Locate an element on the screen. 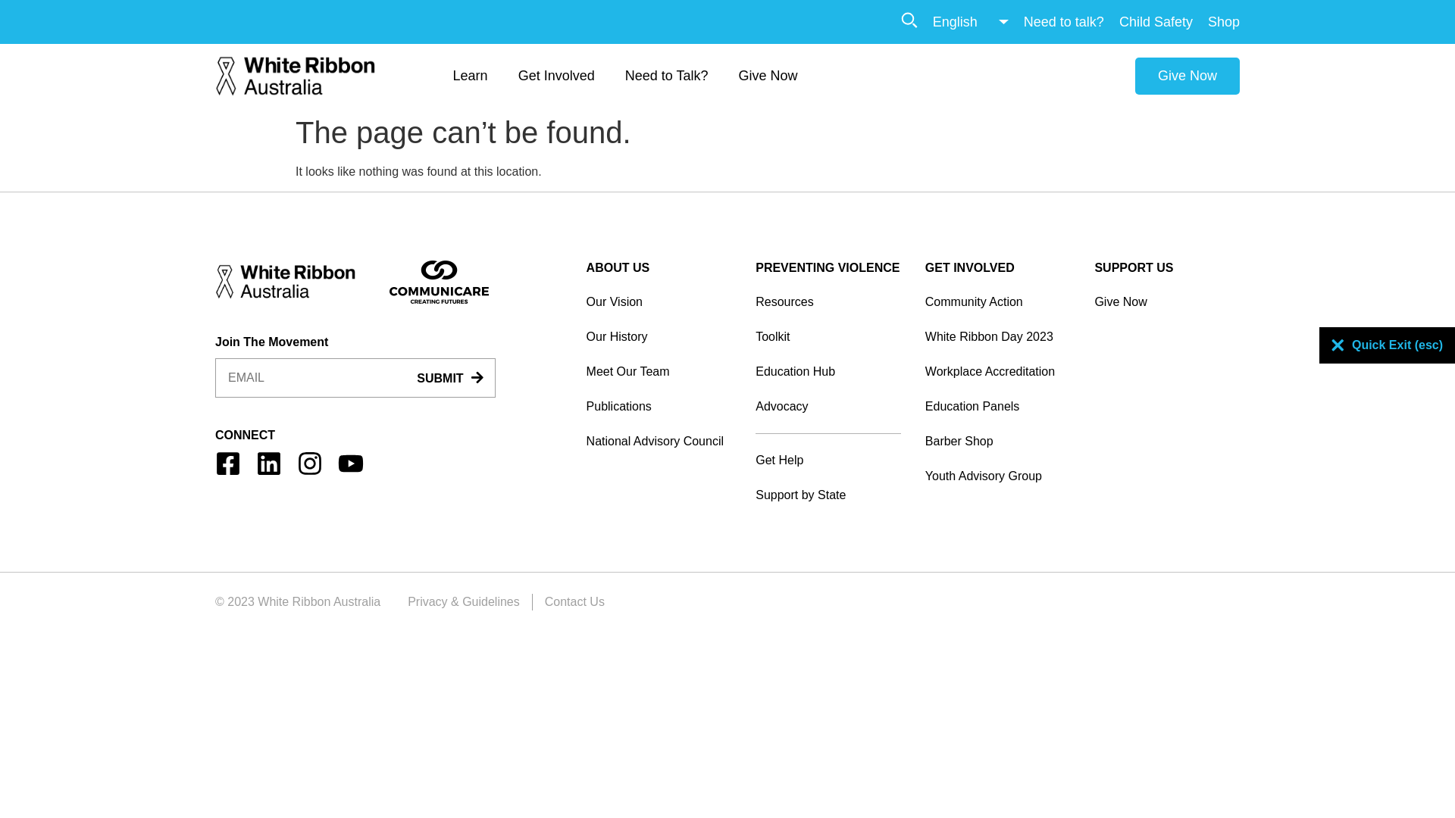 This screenshot has width=1455, height=818. 'Need to talk?' is located at coordinates (1062, 21).